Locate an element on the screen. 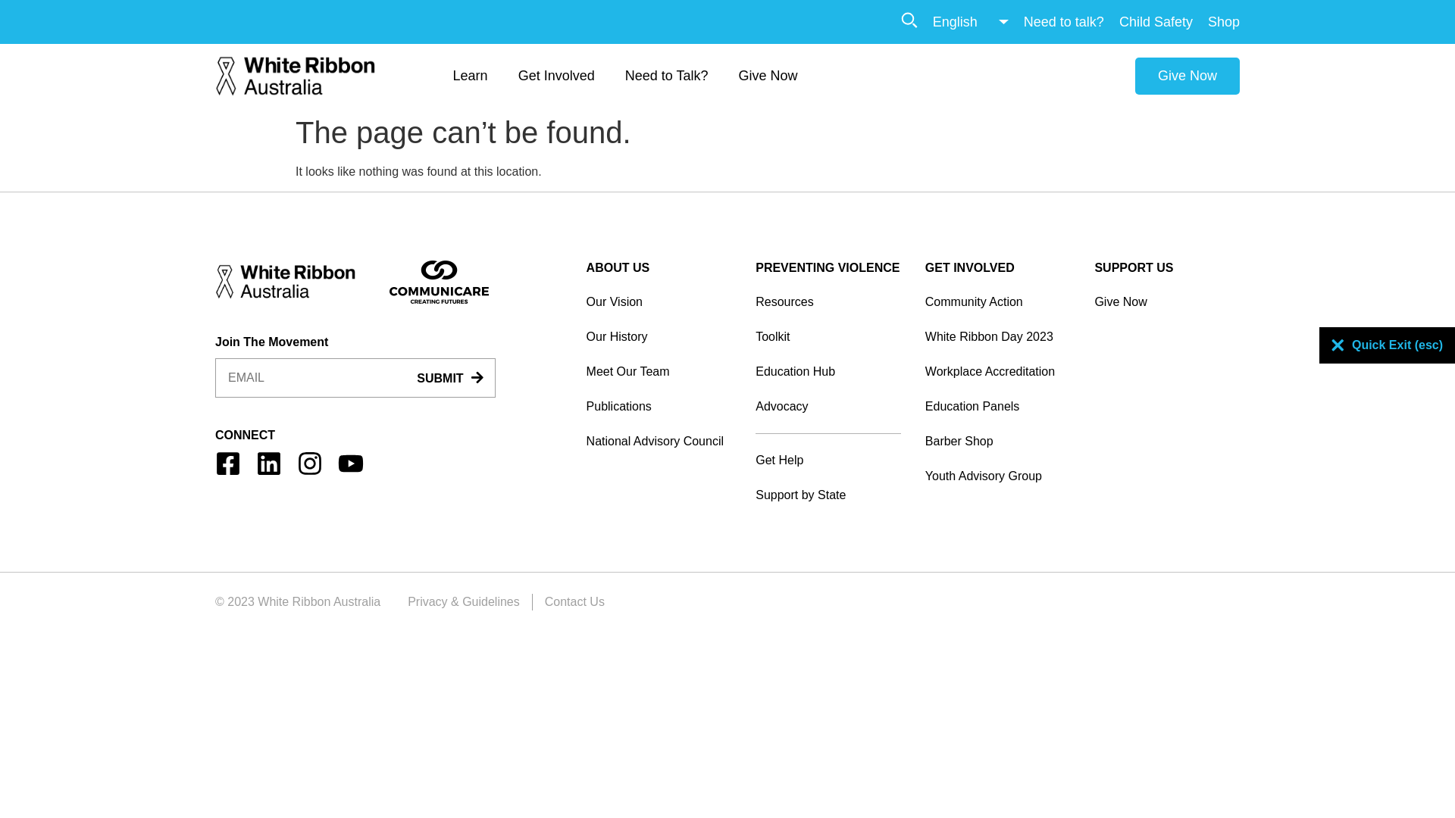 This screenshot has width=1455, height=818. 'Need to talk?' is located at coordinates (1062, 21).